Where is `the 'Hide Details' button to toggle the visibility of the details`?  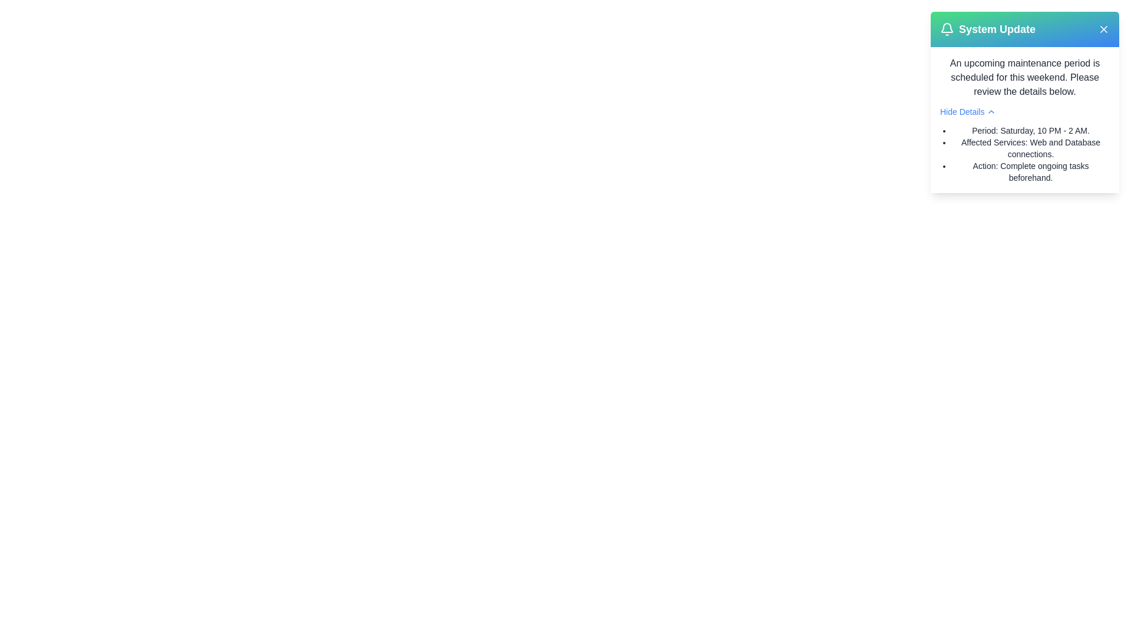
the 'Hide Details' button to toggle the visibility of the details is located at coordinates (967, 111).